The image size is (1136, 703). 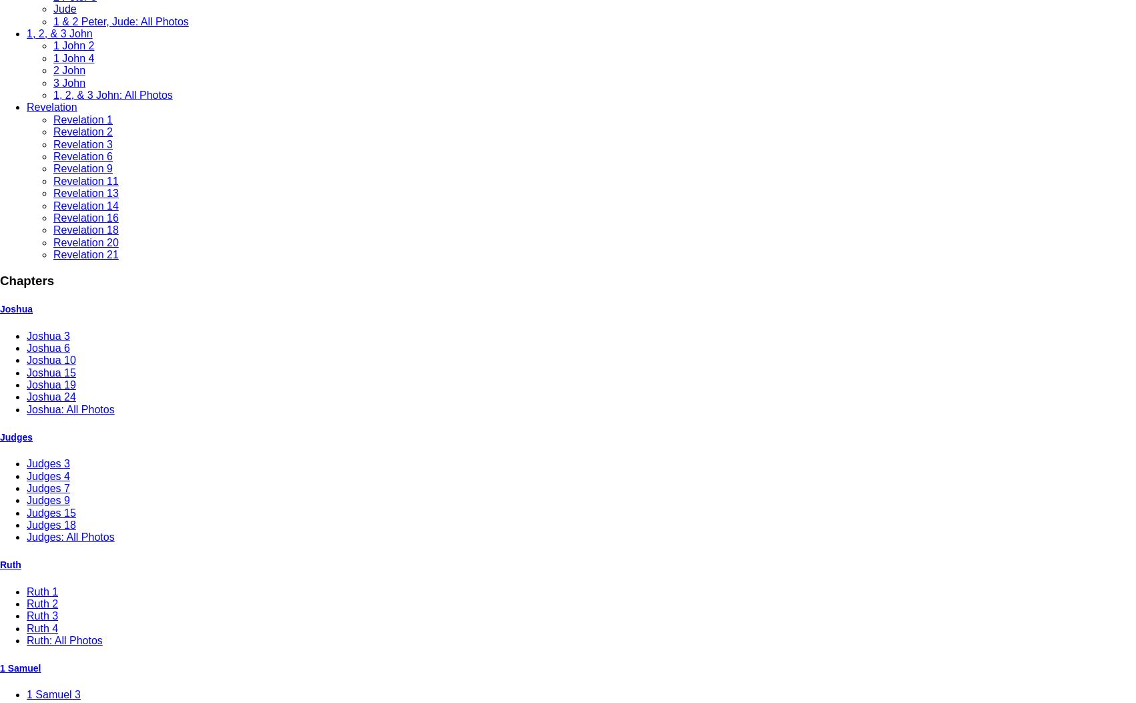 What do you see at coordinates (51, 512) in the screenshot?
I see `'Judges 15'` at bounding box center [51, 512].